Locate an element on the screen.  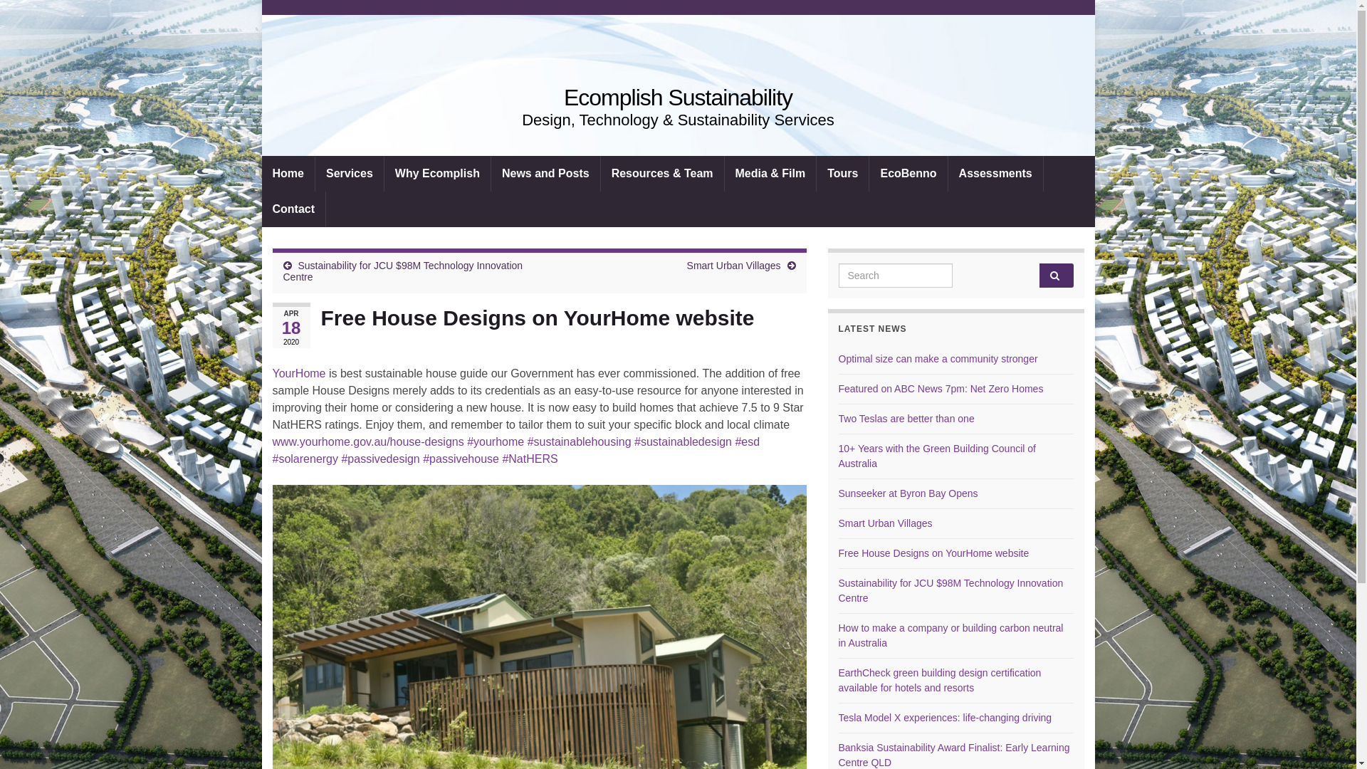
'10+ Years with the Green Building Council of Australia' is located at coordinates (937, 456).